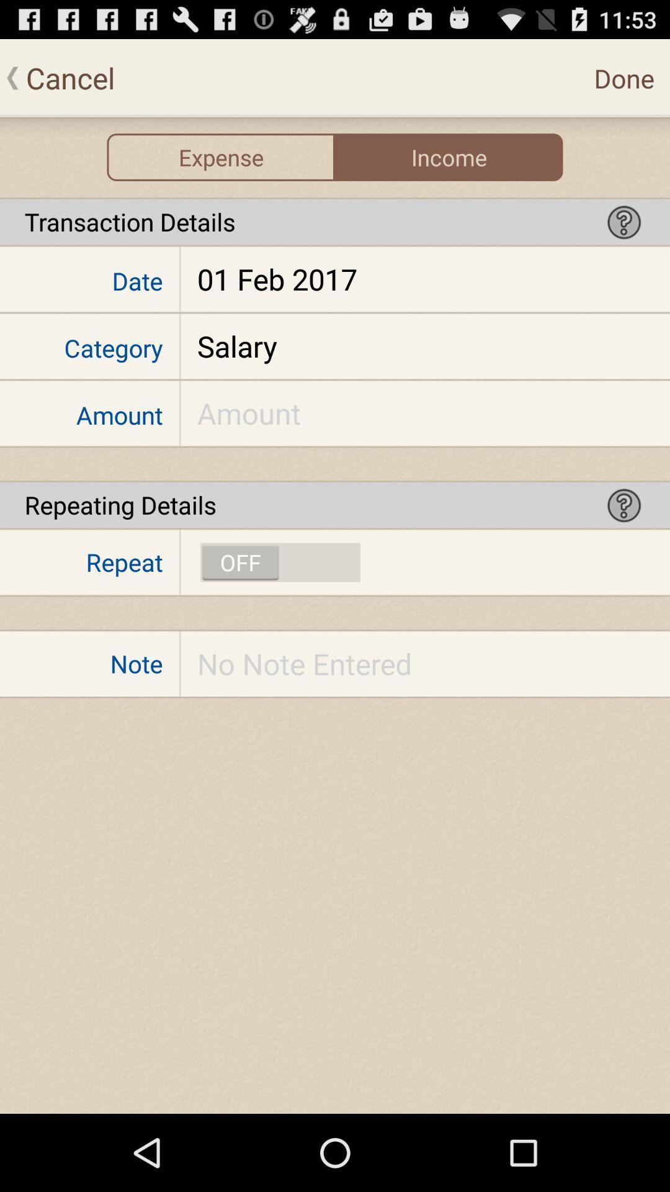 This screenshot has height=1192, width=670. I want to click on toggles repeat on/off, so click(280, 562).